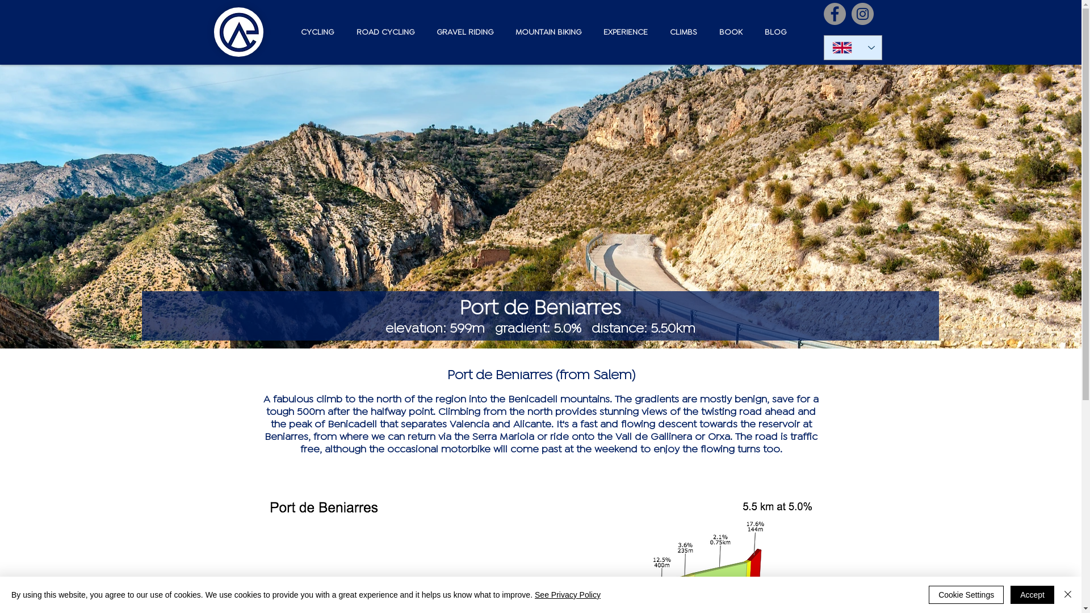  I want to click on 'ROAD CYCLING', so click(381, 32).